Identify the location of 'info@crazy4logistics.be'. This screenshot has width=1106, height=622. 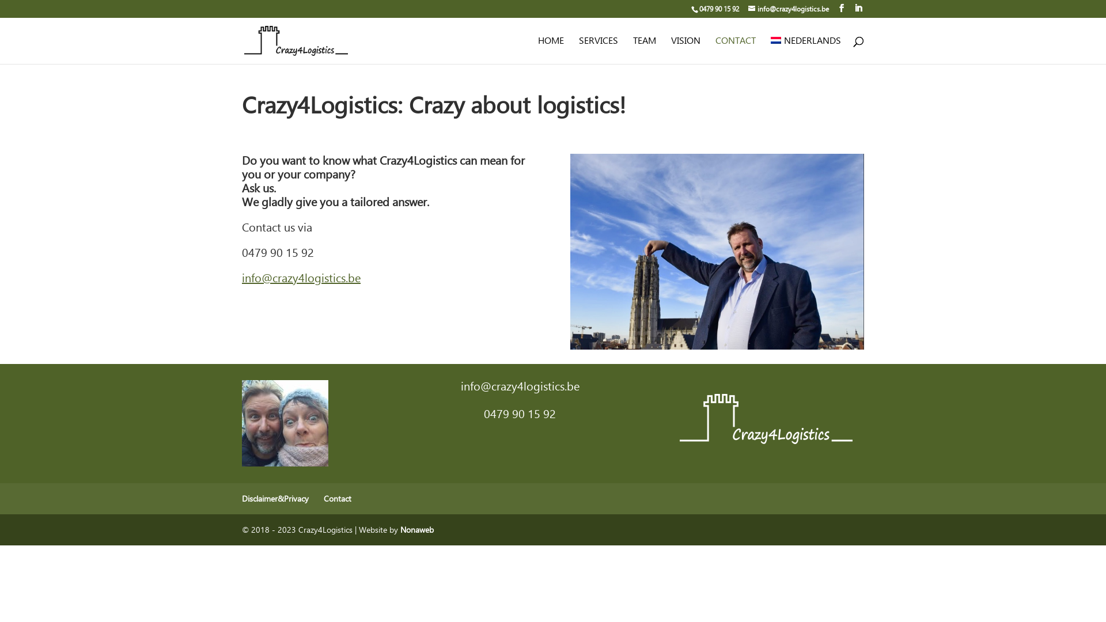
(748, 9).